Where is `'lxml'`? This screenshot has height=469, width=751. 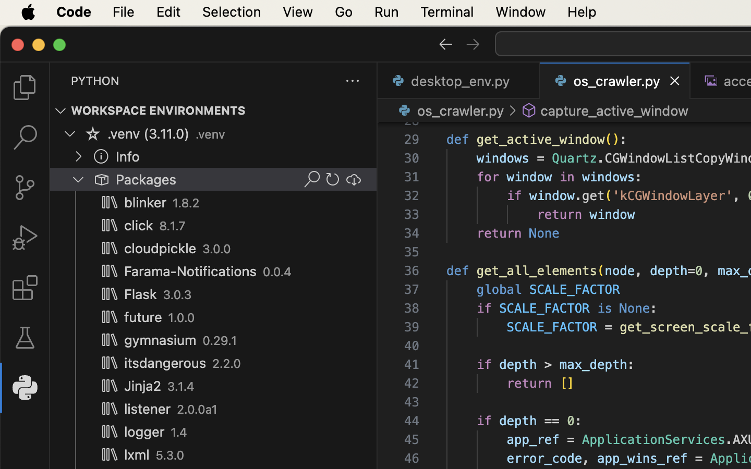
'lxml' is located at coordinates (136, 455).